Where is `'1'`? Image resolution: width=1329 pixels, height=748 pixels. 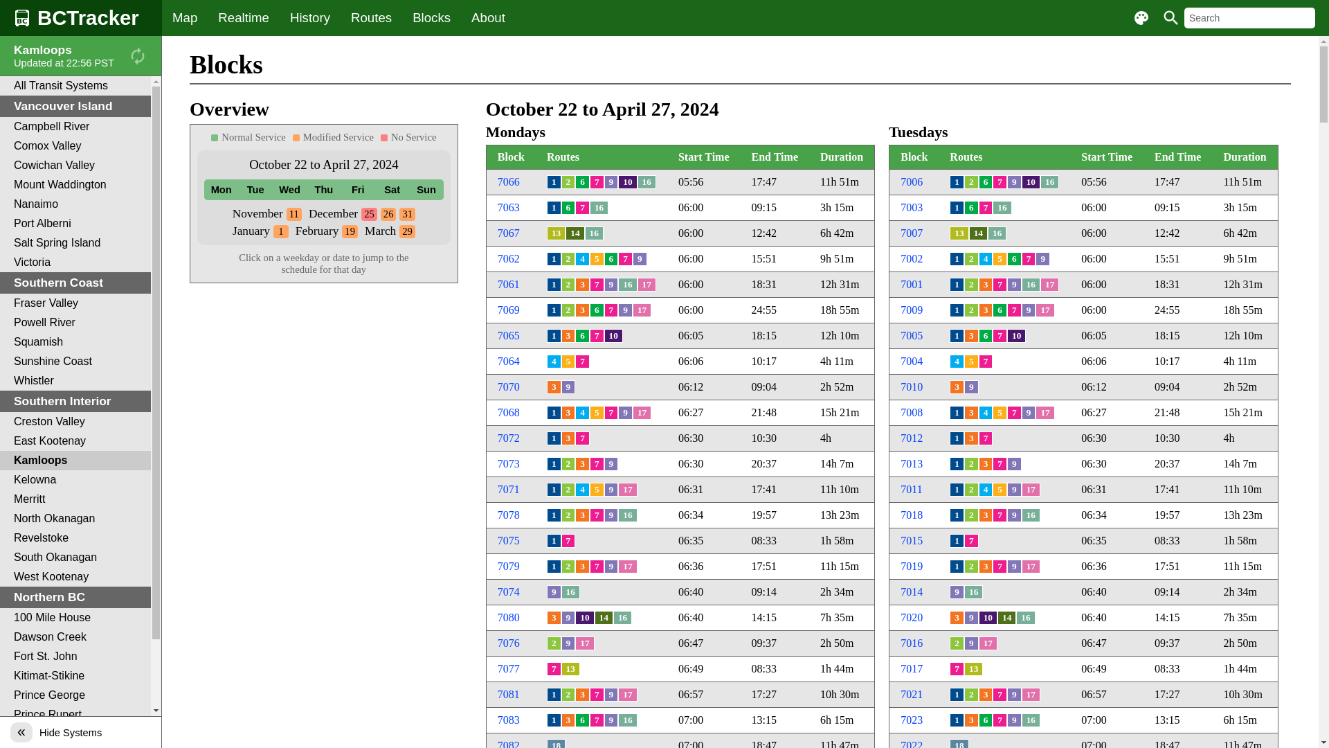
'1' is located at coordinates (956, 488).